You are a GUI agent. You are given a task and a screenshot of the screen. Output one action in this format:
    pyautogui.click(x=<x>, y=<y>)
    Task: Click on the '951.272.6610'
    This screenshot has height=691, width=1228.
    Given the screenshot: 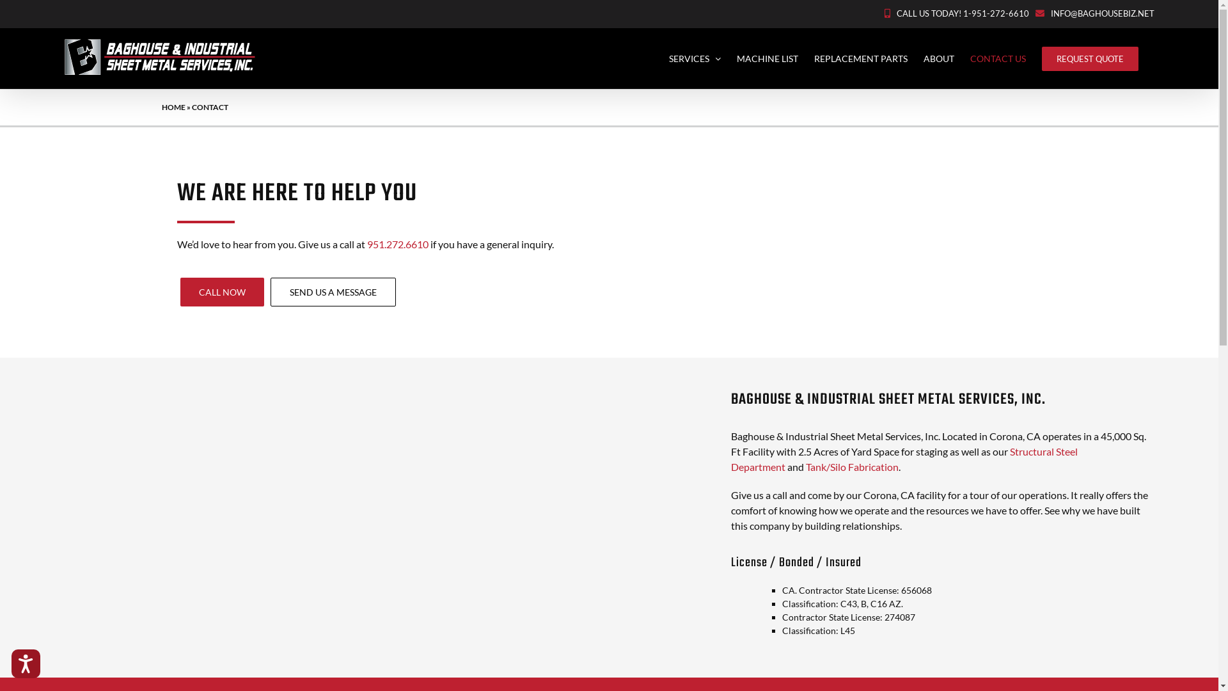 What is the action you would take?
    pyautogui.click(x=366, y=244)
    